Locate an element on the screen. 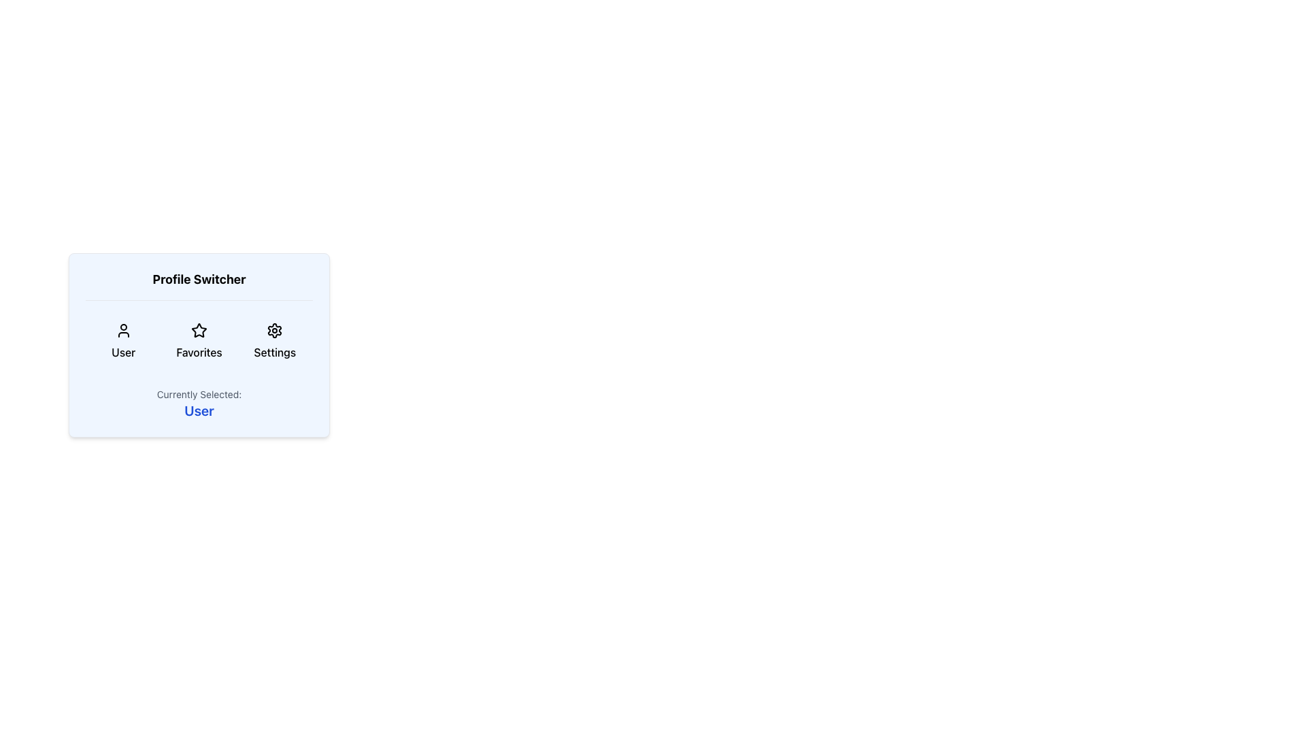  the static text element reading 'Currently Selected:' which is positioned centrally above the text 'User' in the user profile management options box is located at coordinates (198, 394).